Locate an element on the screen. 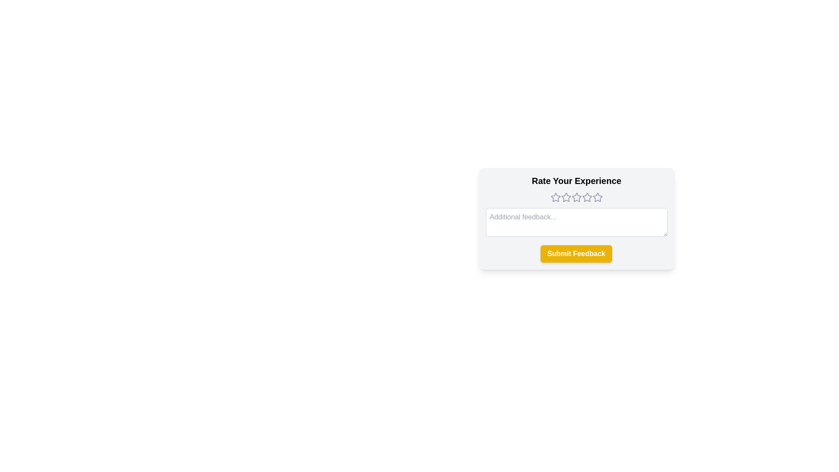 This screenshot has height=472, width=839. the second star in the five-star rating system is located at coordinates (566, 197).